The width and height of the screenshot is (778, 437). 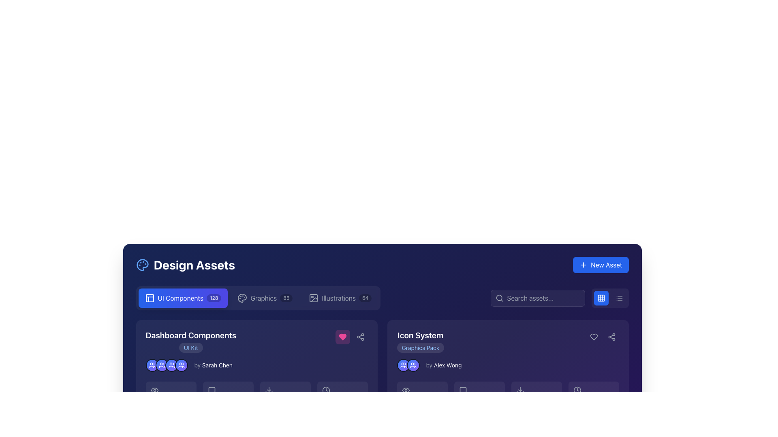 What do you see at coordinates (413, 365) in the screenshot?
I see `the icon indicator in the 'Icon System' card` at bounding box center [413, 365].